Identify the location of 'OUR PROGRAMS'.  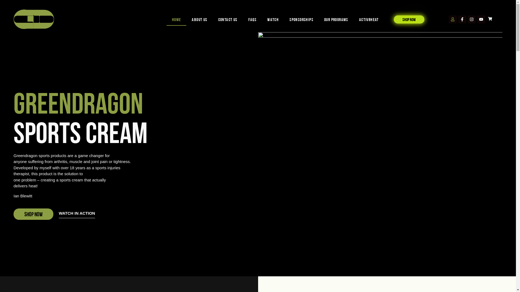
(336, 19).